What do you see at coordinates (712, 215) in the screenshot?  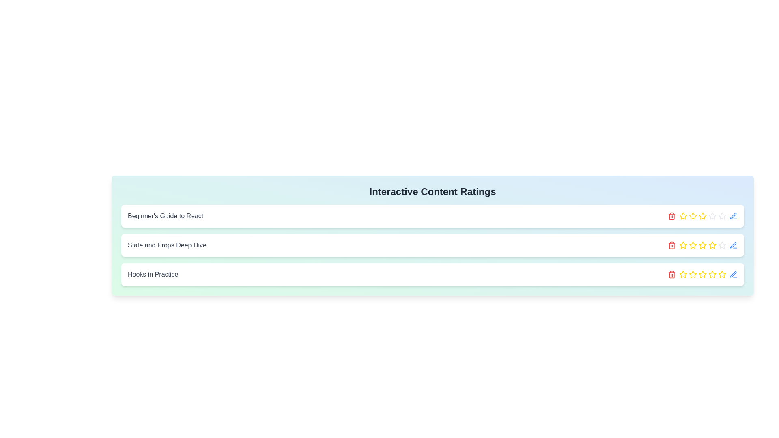 I see `the fifth star in the horizontal sequence of five stars to provide a rating` at bounding box center [712, 215].